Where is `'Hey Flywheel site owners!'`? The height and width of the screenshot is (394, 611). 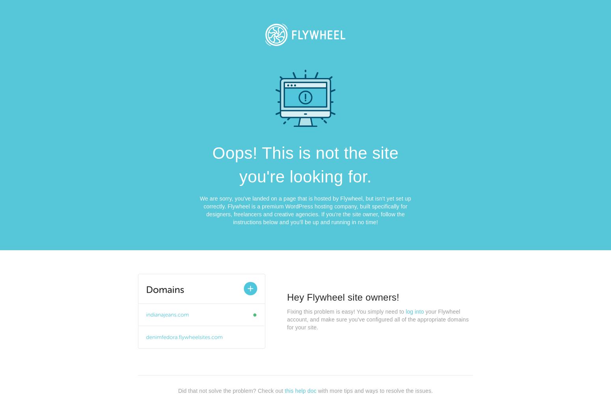
'Hey Flywheel site owners!' is located at coordinates (287, 297).